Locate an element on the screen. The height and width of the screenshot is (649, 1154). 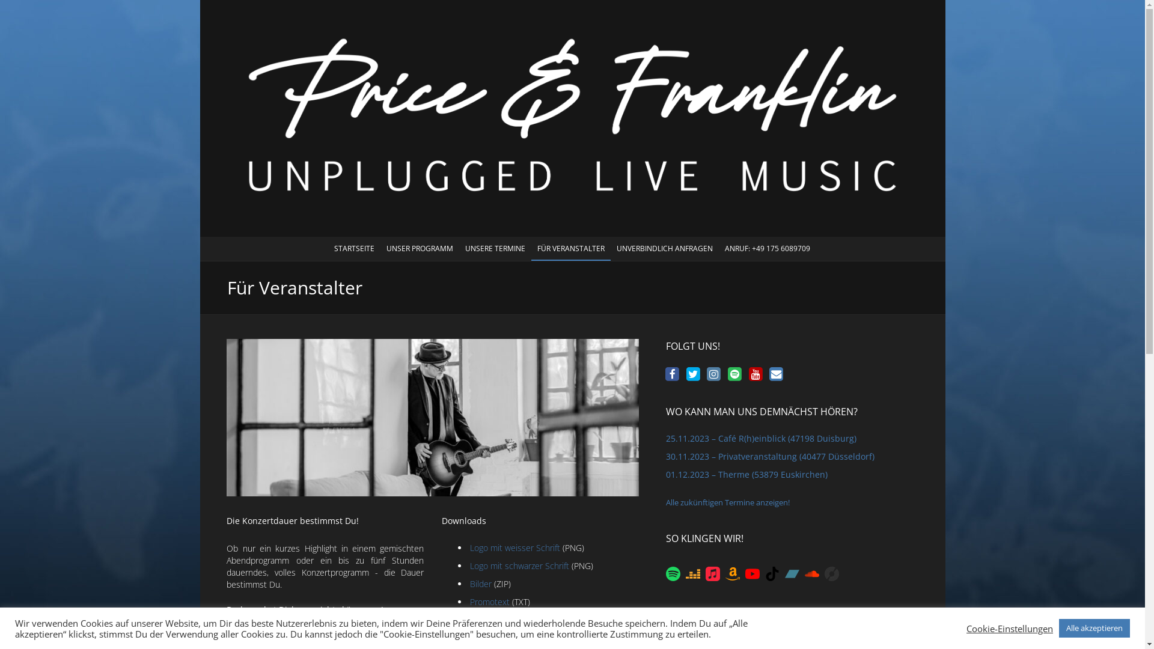
'YouTube' is located at coordinates (753, 571).